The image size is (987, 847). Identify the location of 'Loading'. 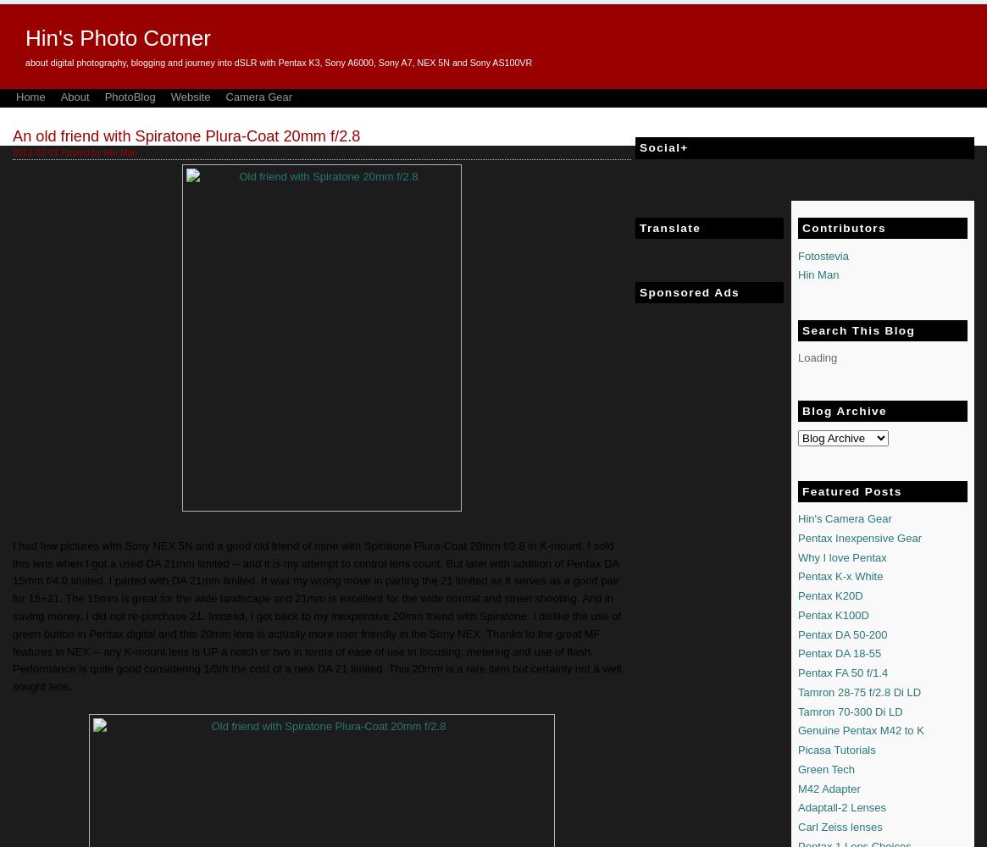
(817, 357).